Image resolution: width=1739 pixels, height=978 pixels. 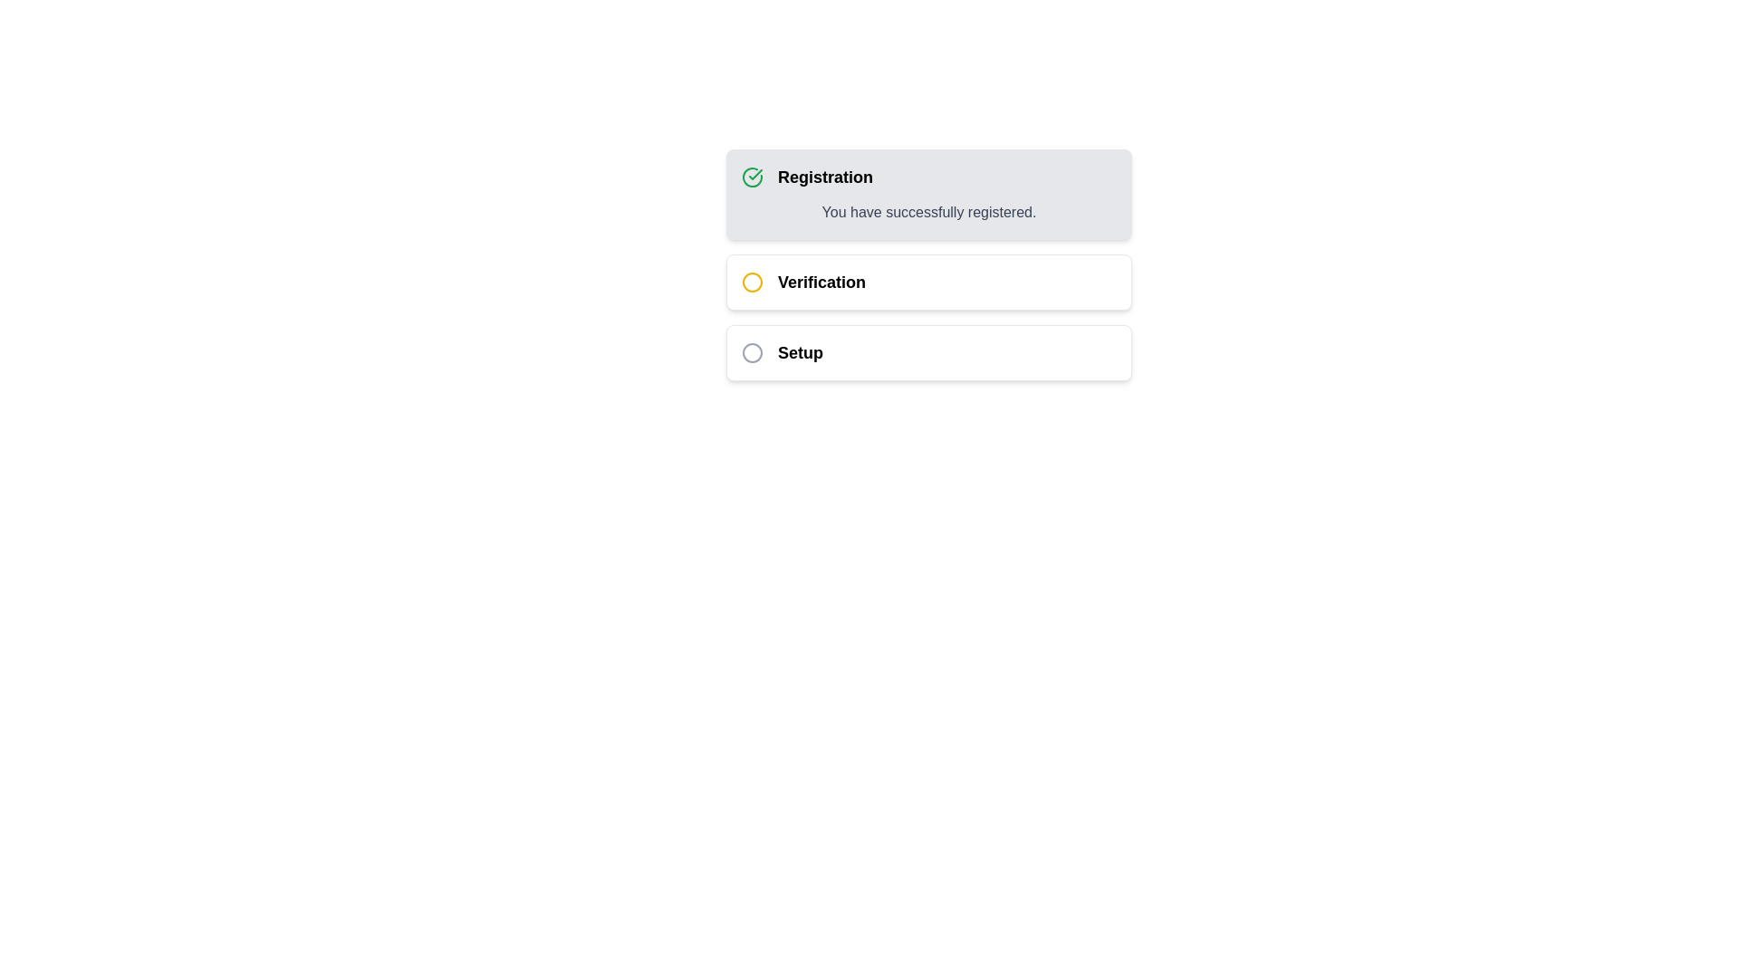 I want to click on the yellow circular icon within the 'Verification' step indicator, which is styled prominently and located at the top left corner of the step item, so click(x=752, y=283).